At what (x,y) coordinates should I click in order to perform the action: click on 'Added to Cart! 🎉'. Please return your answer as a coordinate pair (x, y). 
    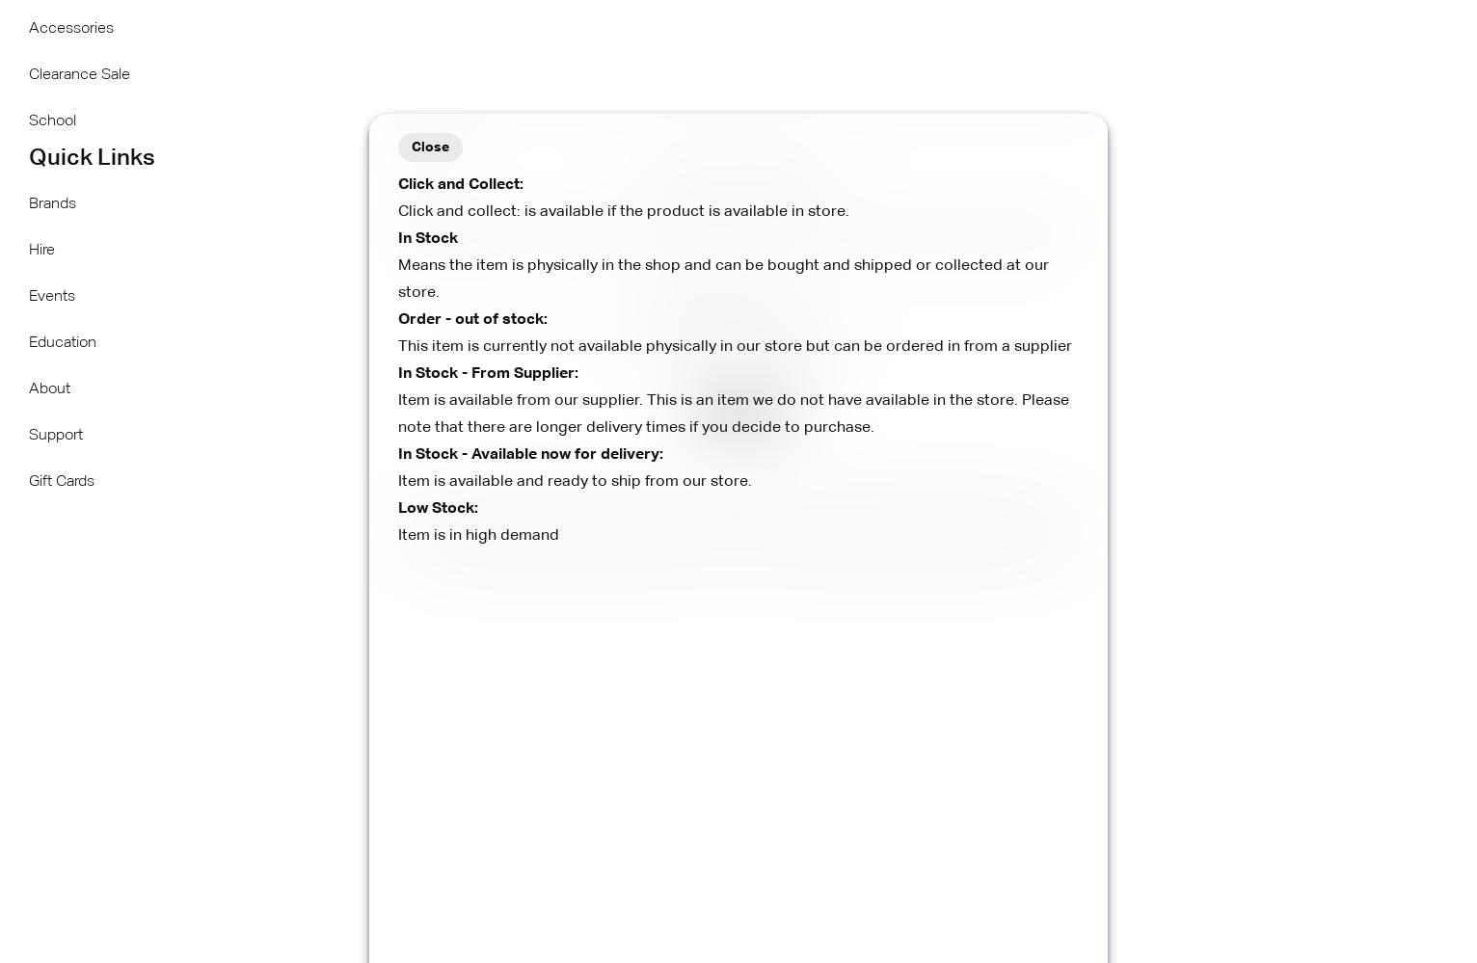
    Looking at the image, I should click on (610, 188).